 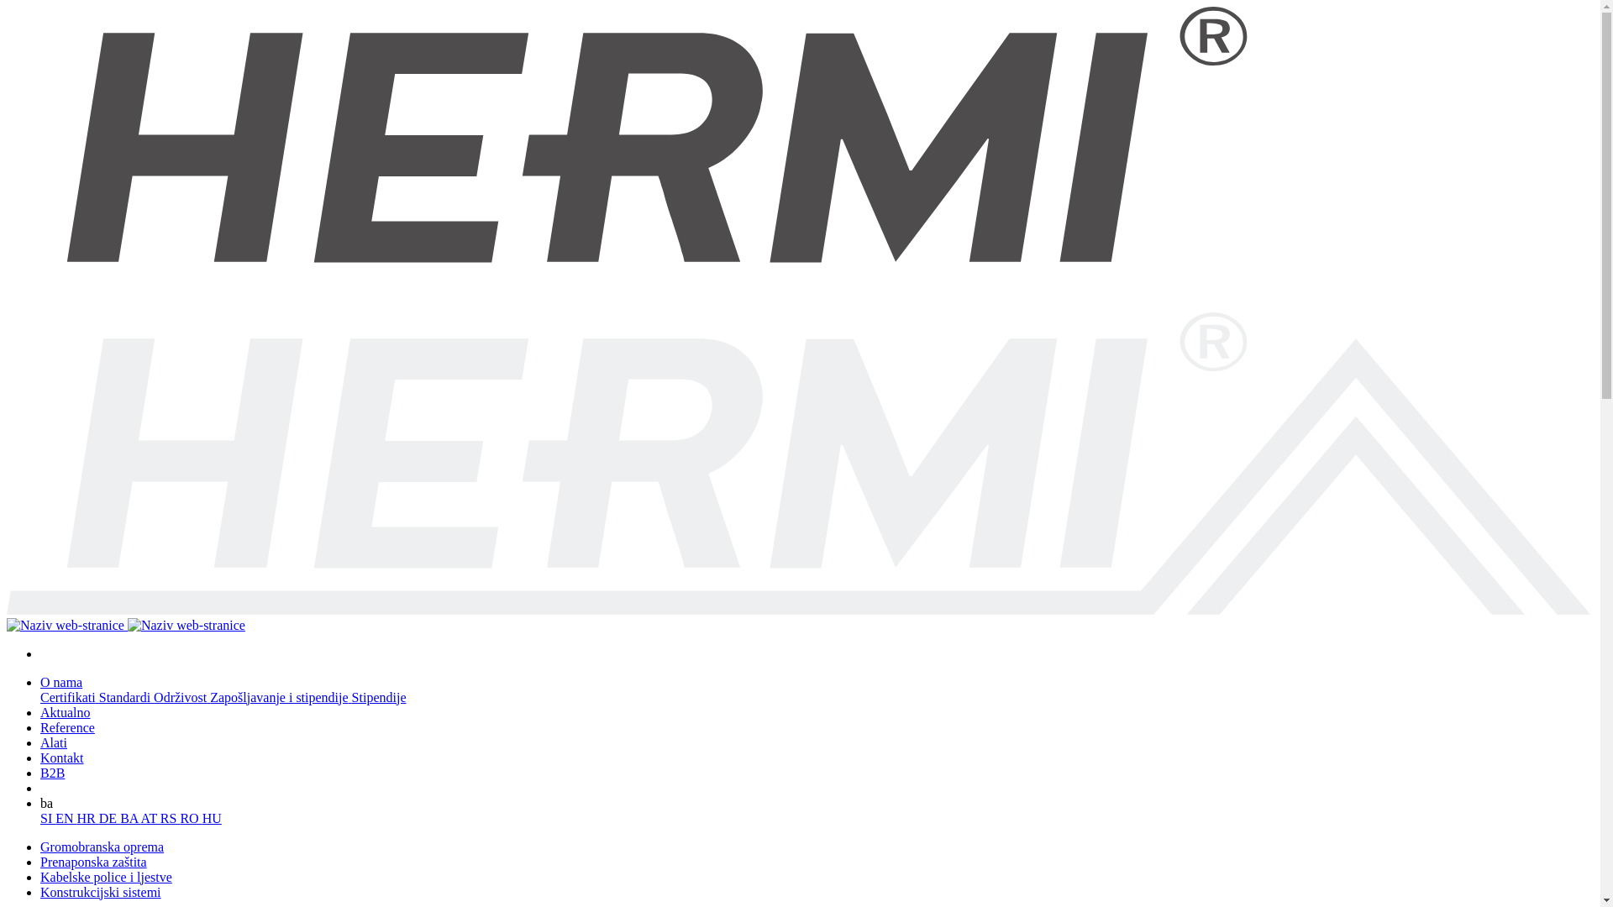 I want to click on 'Stipendije', so click(x=378, y=697).